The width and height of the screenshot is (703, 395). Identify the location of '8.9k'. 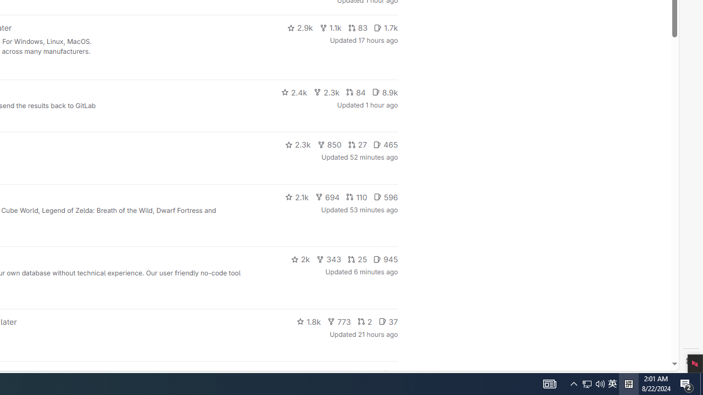
(384, 92).